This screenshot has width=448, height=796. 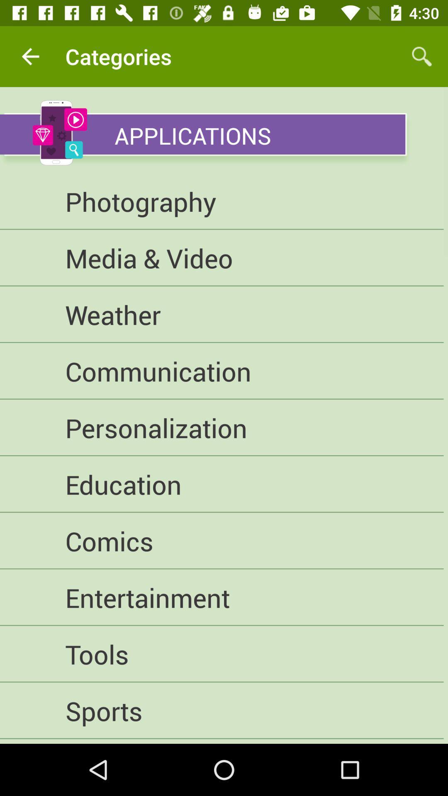 What do you see at coordinates (422, 56) in the screenshot?
I see `item at the top right corner` at bounding box center [422, 56].